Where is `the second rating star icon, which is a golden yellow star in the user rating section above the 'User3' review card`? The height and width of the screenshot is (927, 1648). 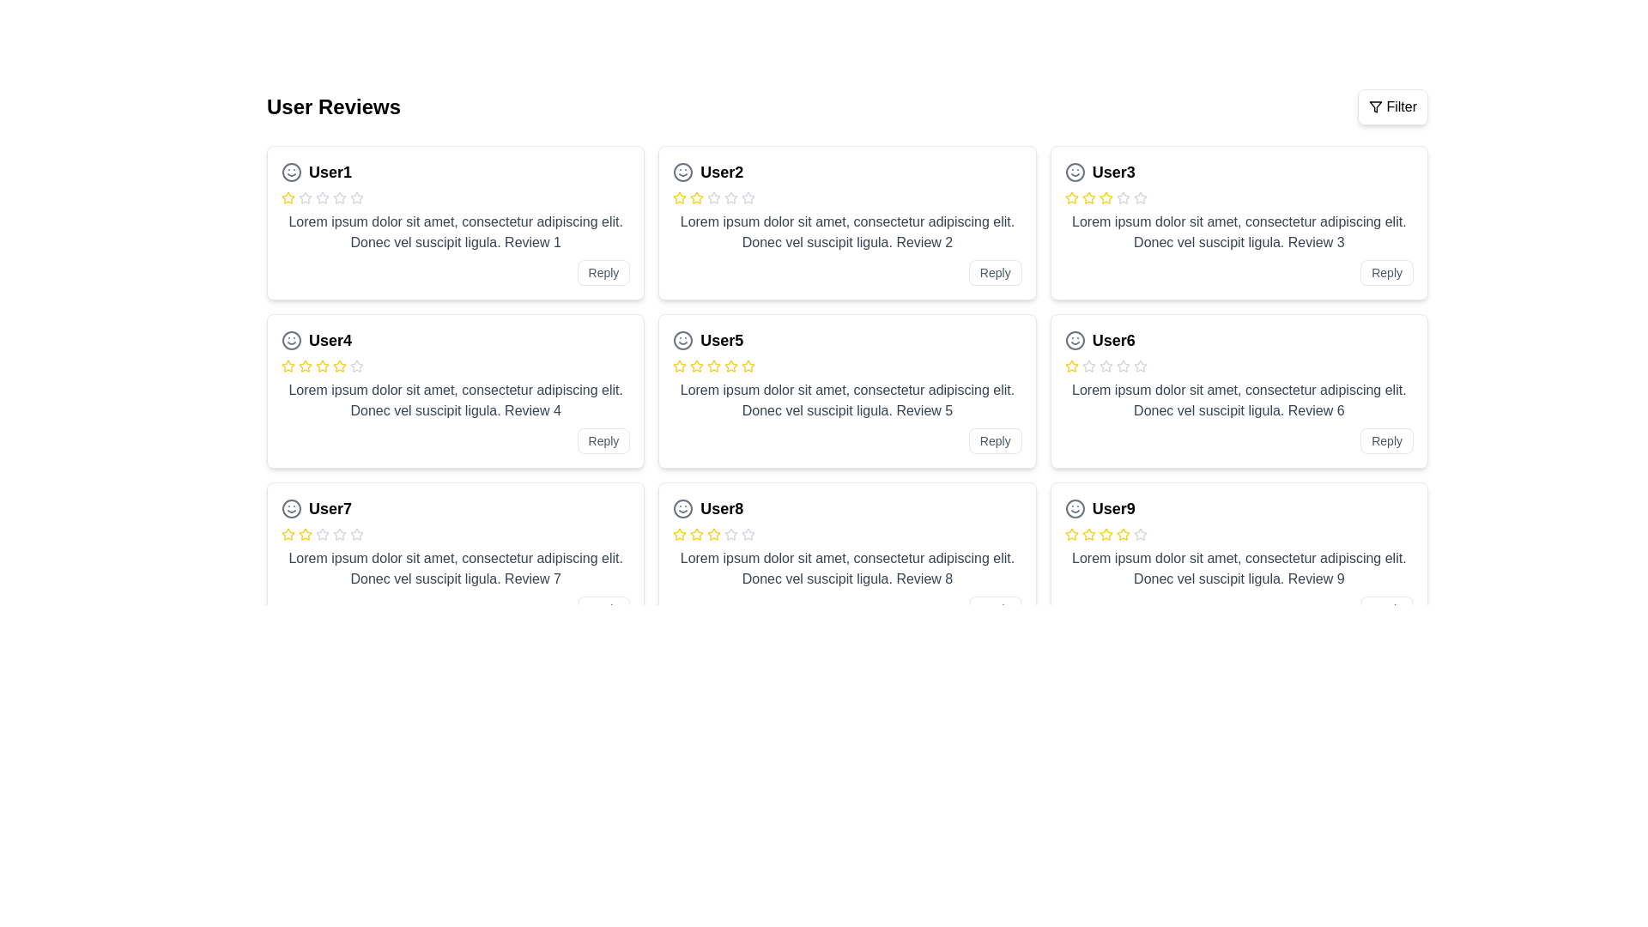 the second rating star icon, which is a golden yellow star in the user rating section above the 'User3' review card is located at coordinates (1106, 197).